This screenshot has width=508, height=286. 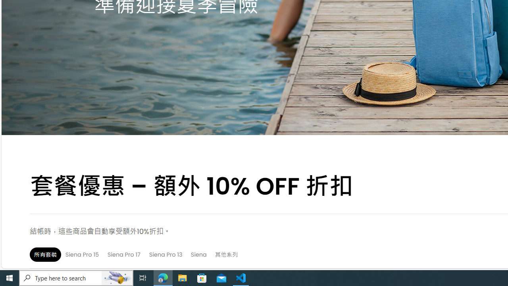 I want to click on 'Siena Pro 15', so click(x=82, y=254).